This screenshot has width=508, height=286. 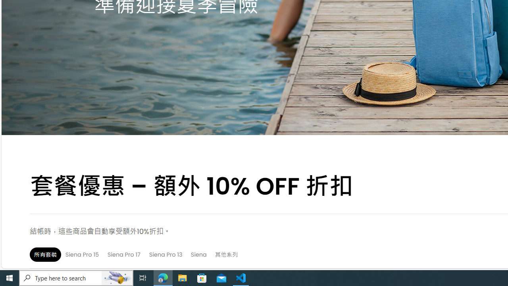 I want to click on 'Siena Pro 15', so click(x=82, y=254).